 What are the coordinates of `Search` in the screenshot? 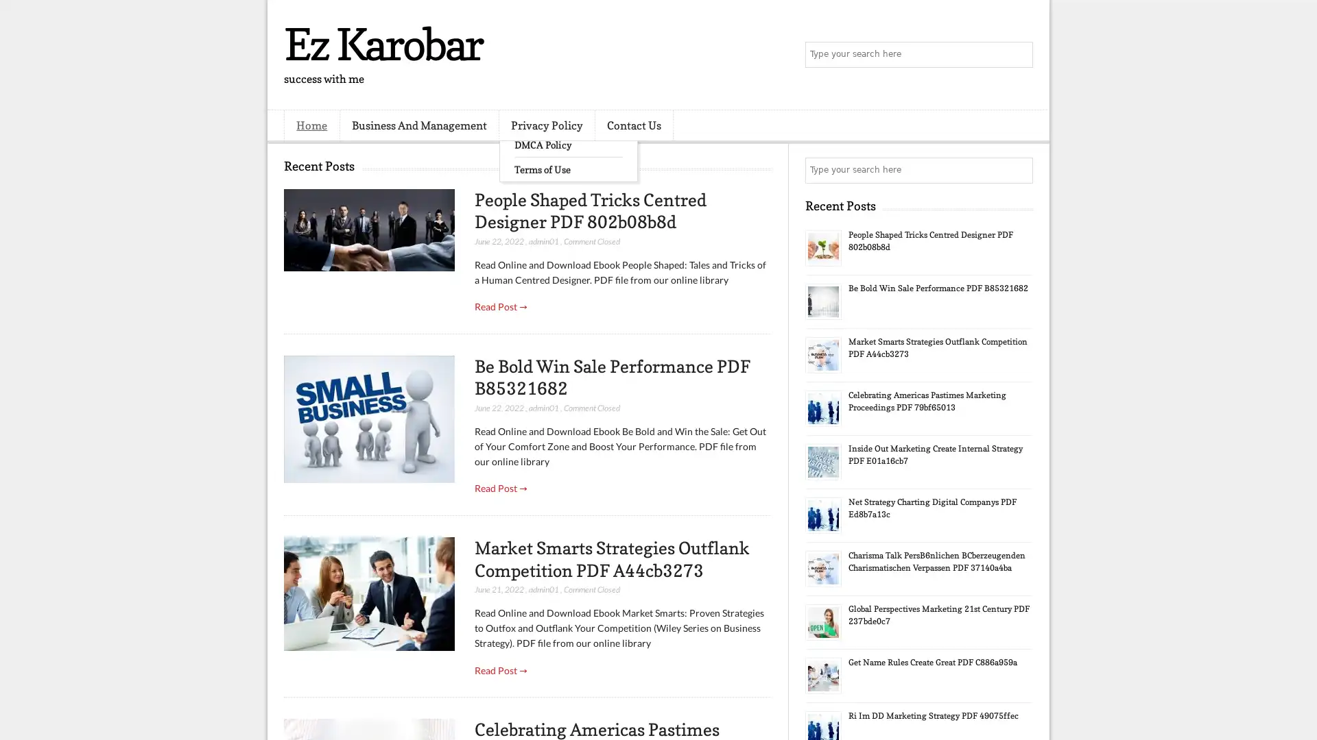 It's located at (1019, 55).